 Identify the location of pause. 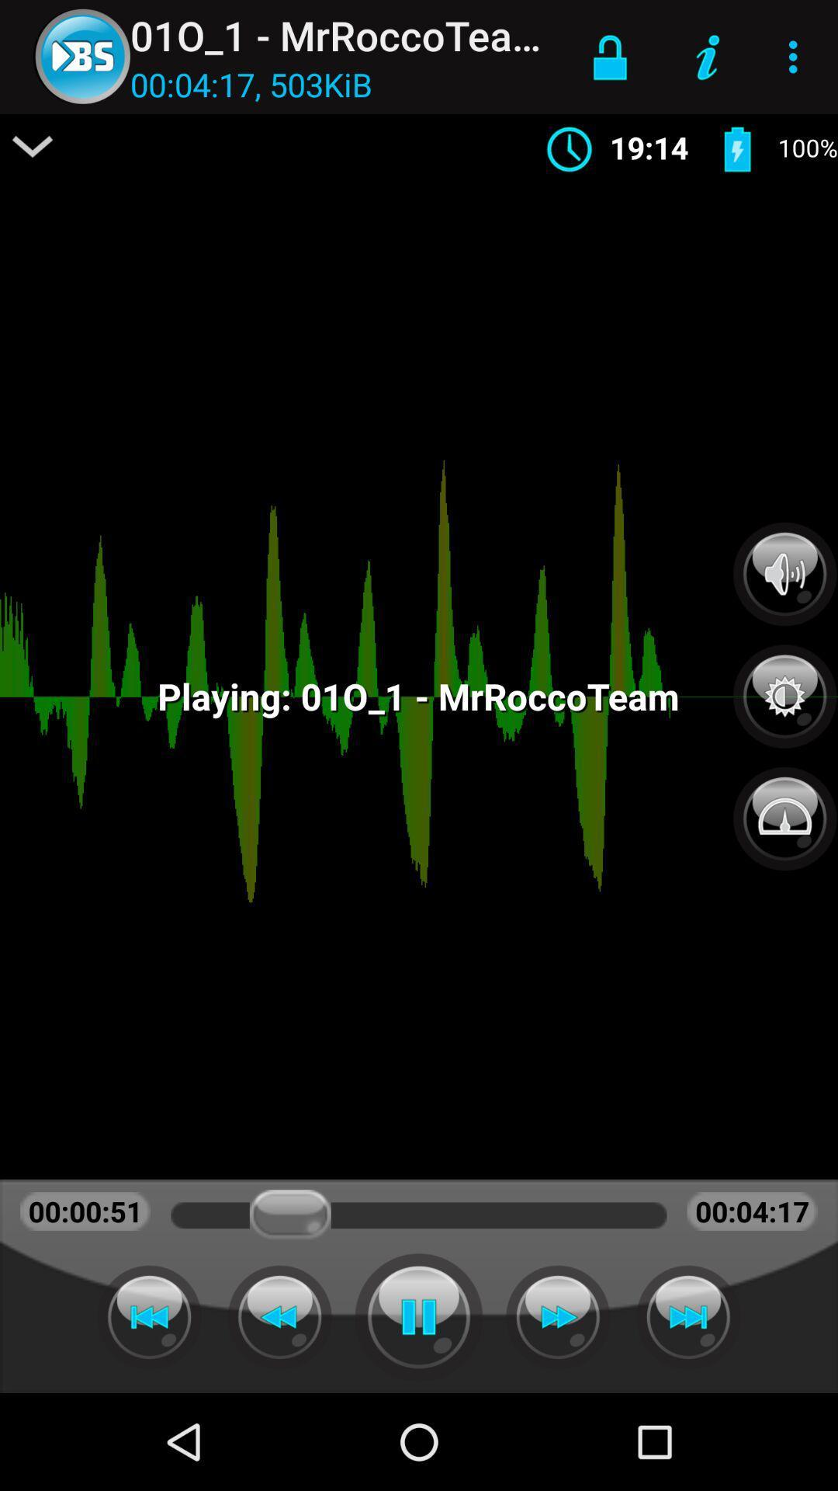
(419, 1316).